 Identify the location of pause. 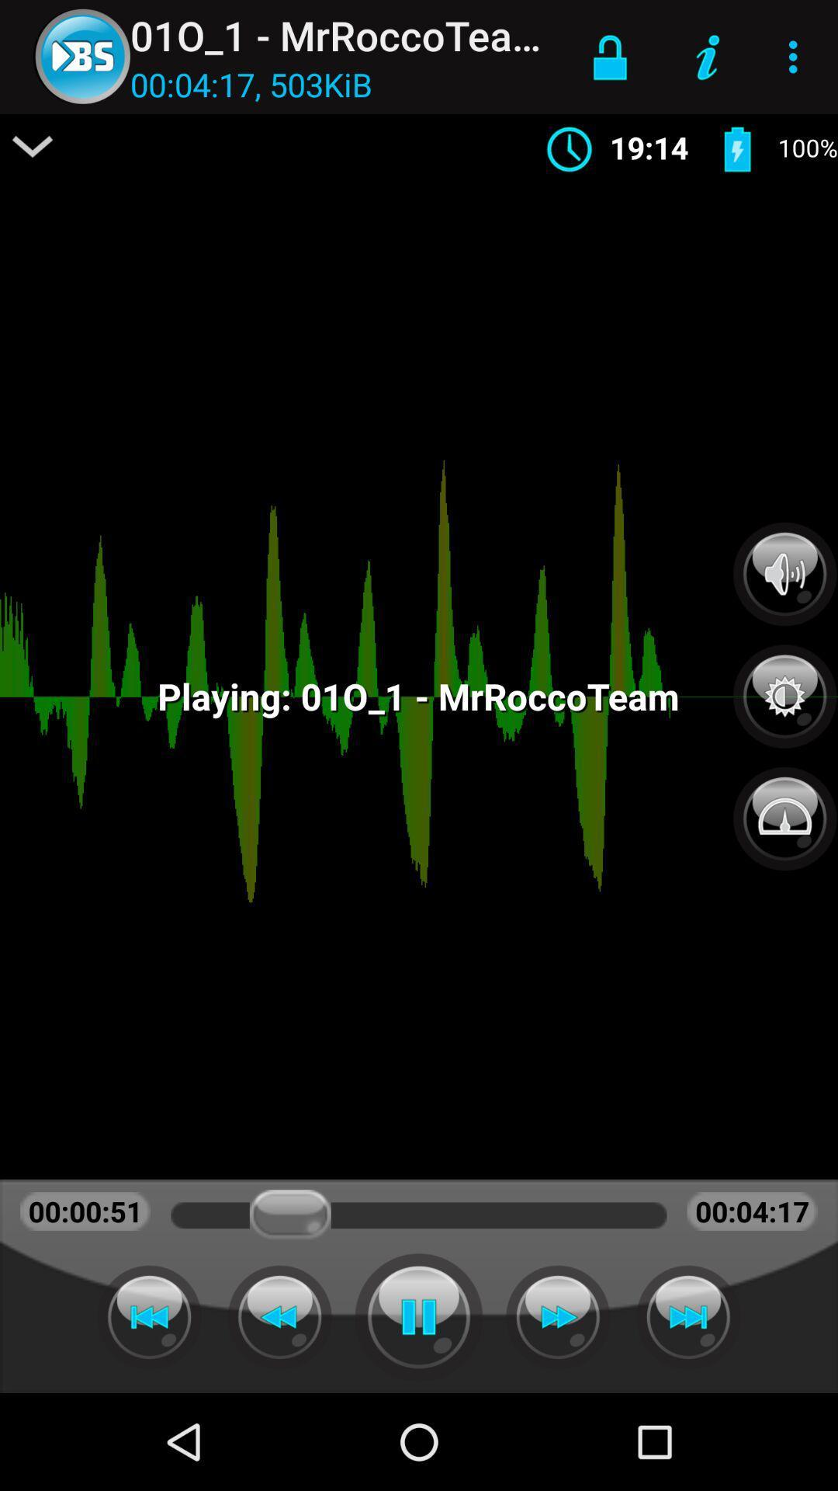
(419, 1316).